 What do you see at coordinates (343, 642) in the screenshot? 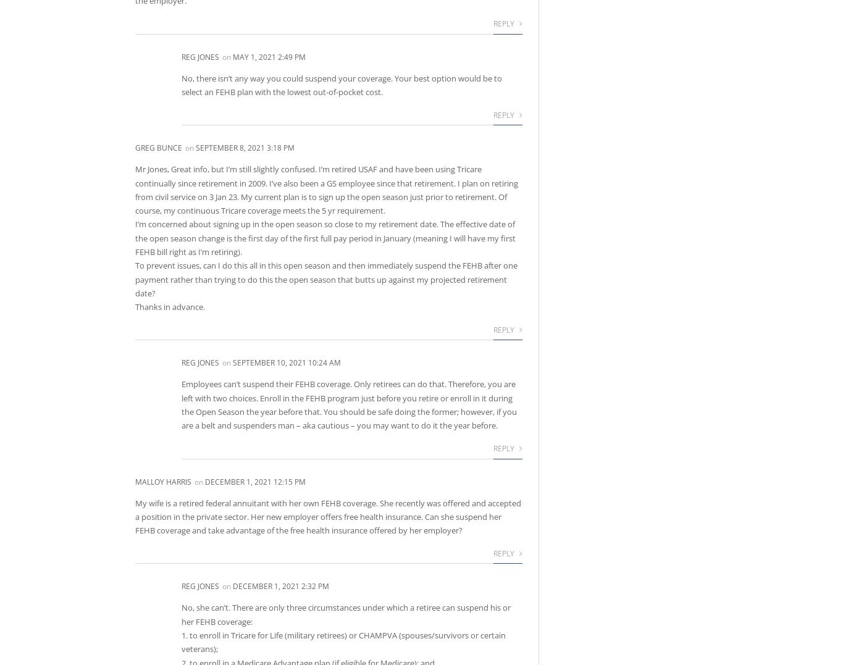
I see `'1. to enroll in Tricare for Life (military retirees) or CHAMPVA (spouses/survivors or certain veterans);'` at bounding box center [343, 642].